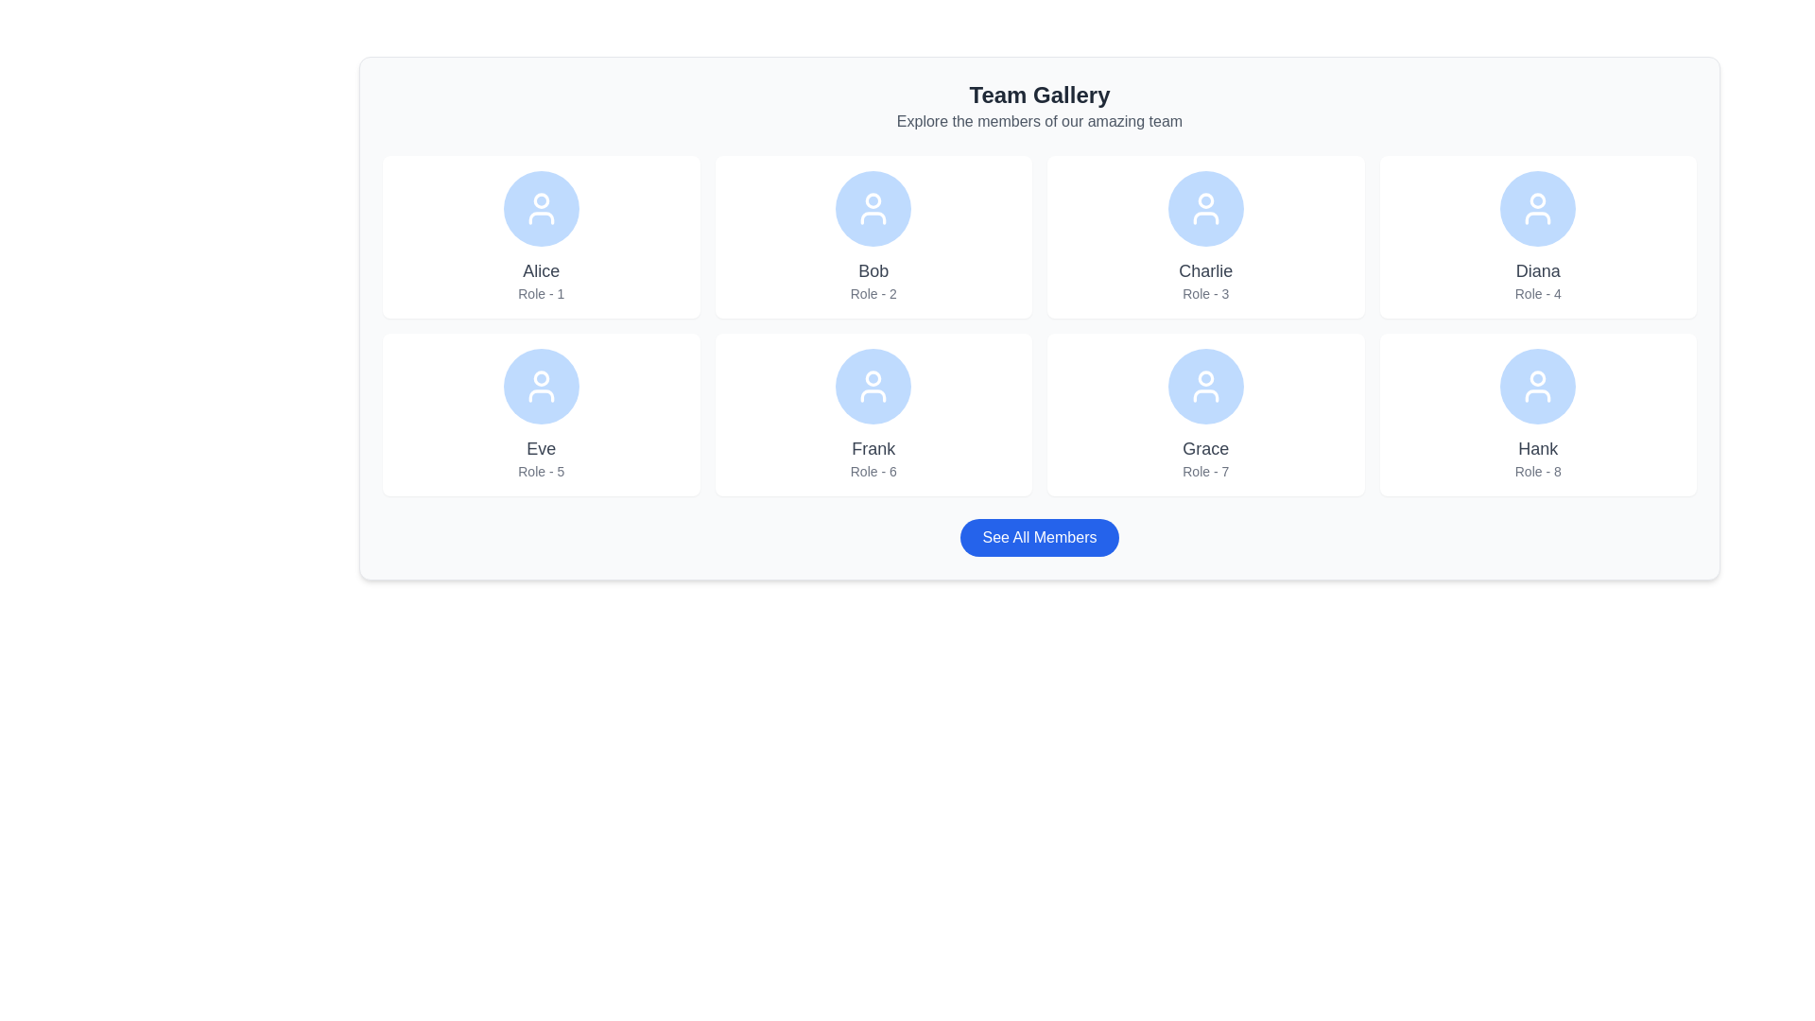 This screenshot has width=1815, height=1021. Describe the element at coordinates (540, 470) in the screenshot. I see `the text label that provides supplementary information about the designation of 'Eve', located centrally within the card component in the second row and second column of the grid layout` at that location.